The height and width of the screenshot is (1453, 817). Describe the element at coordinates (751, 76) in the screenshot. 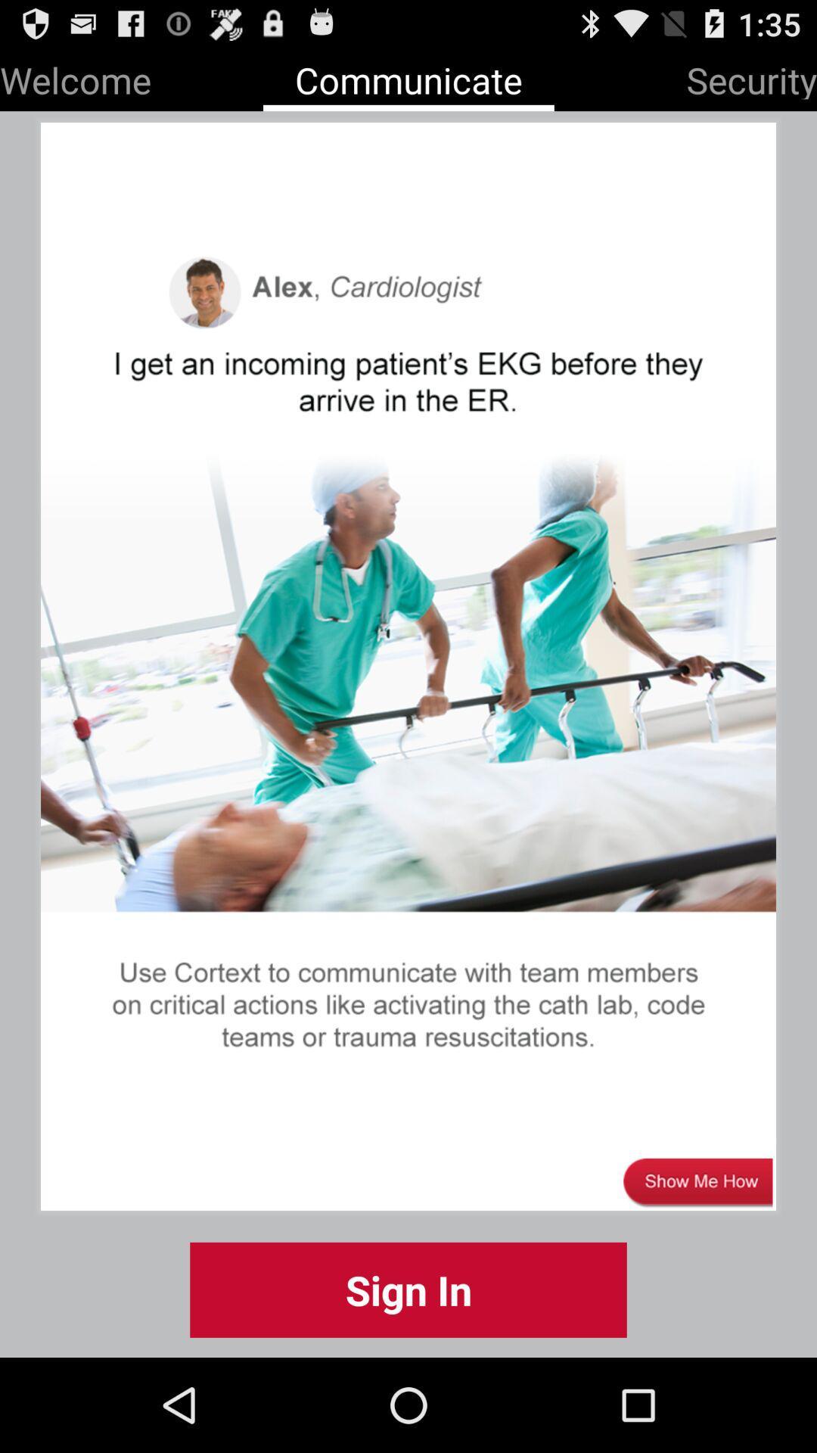

I see `the item at the top right corner` at that location.